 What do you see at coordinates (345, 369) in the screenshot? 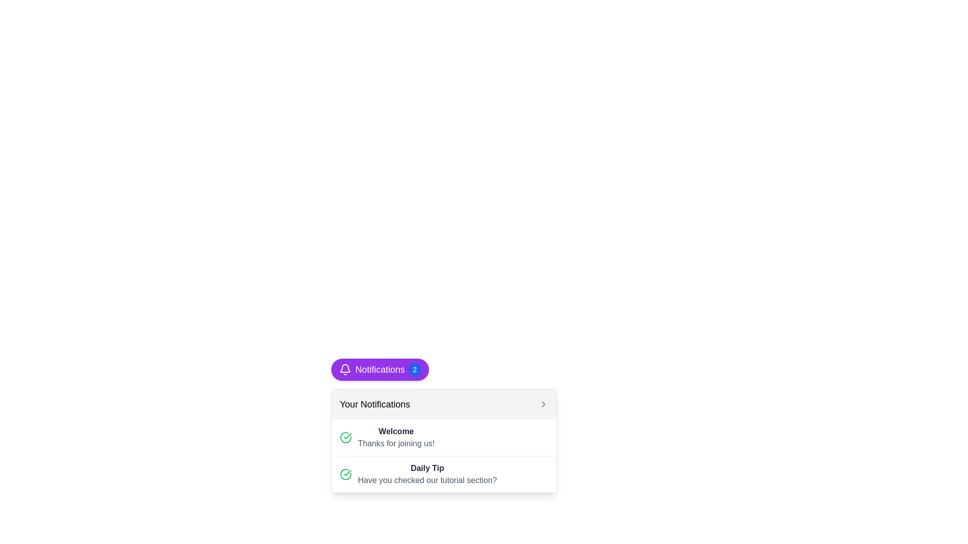
I see `the notification bell icon, which is styled in a minimal, modern design with a purple circular background, located on the left side of the 'Notifications 2' button` at bounding box center [345, 369].